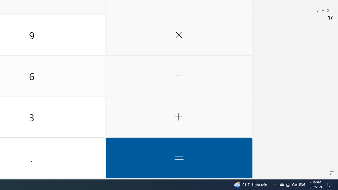 The height and width of the screenshot is (190, 338). I want to click on 'Clear all history', so click(331, 173).